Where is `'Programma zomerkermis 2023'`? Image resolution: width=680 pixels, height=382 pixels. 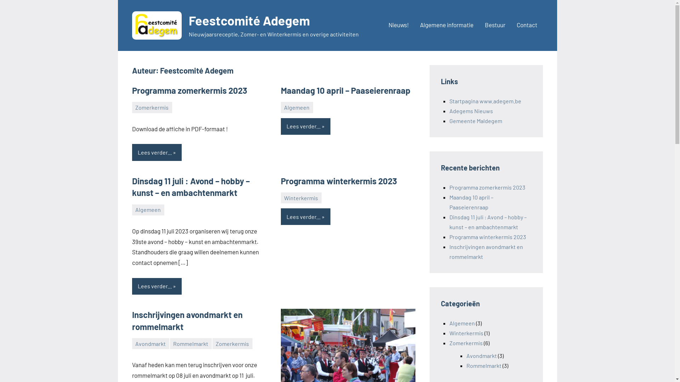 'Programma zomerkermis 2023' is located at coordinates (486, 187).